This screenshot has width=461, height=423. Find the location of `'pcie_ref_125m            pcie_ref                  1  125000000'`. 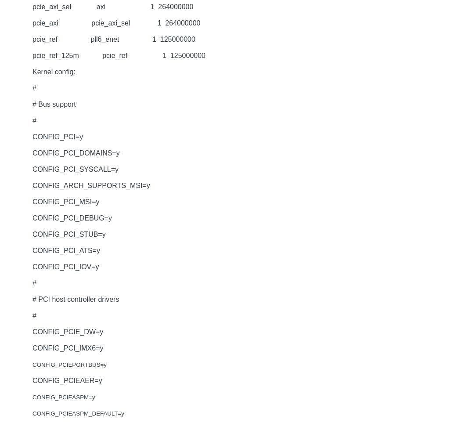

'pcie_ref_125m            pcie_ref                  1  125000000' is located at coordinates (119, 55).